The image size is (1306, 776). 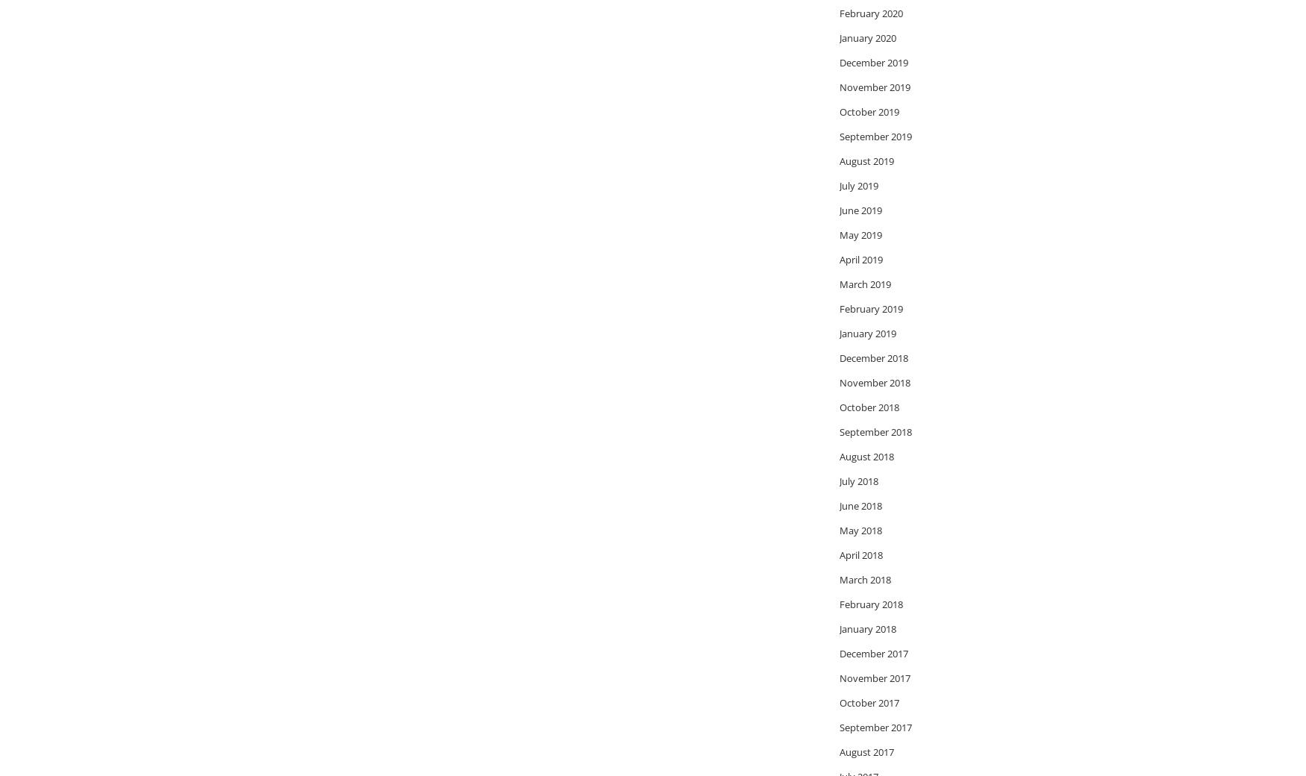 What do you see at coordinates (867, 332) in the screenshot?
I see `'January 2019'` at bounding box center [867, 332].